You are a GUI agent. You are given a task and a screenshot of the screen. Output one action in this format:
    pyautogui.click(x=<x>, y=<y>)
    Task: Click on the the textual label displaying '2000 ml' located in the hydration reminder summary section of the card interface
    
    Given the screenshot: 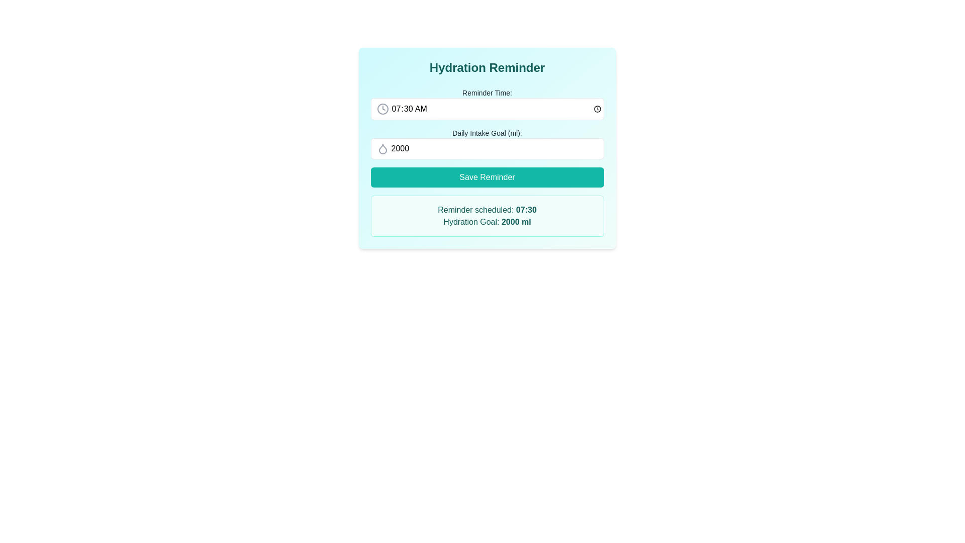 What is the action you would take?
    pyautogui.click(x=516, y=221)
    